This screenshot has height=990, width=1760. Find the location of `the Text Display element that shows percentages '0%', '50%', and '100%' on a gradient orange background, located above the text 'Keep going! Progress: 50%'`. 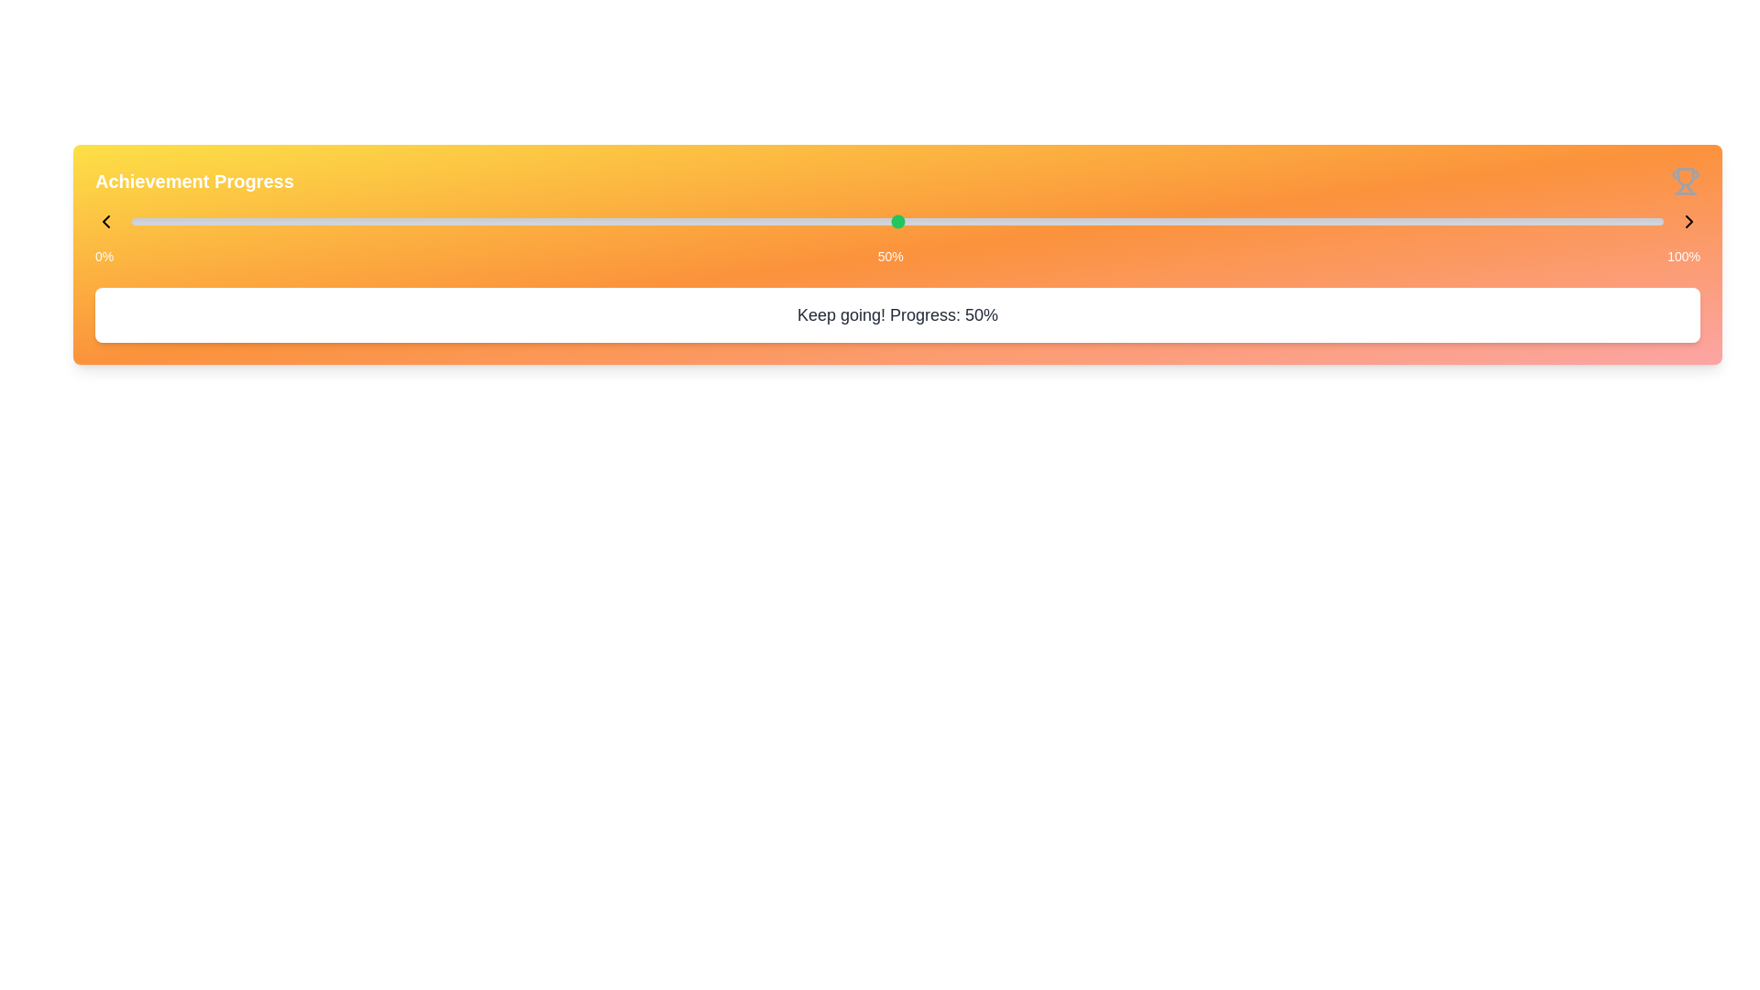

the Text Display element that shows percentages '0%', '50%', and '100%' on a gradient orange background, located above the text 'Keep going! Progress: 50%' is located at coordinates (897, 257).